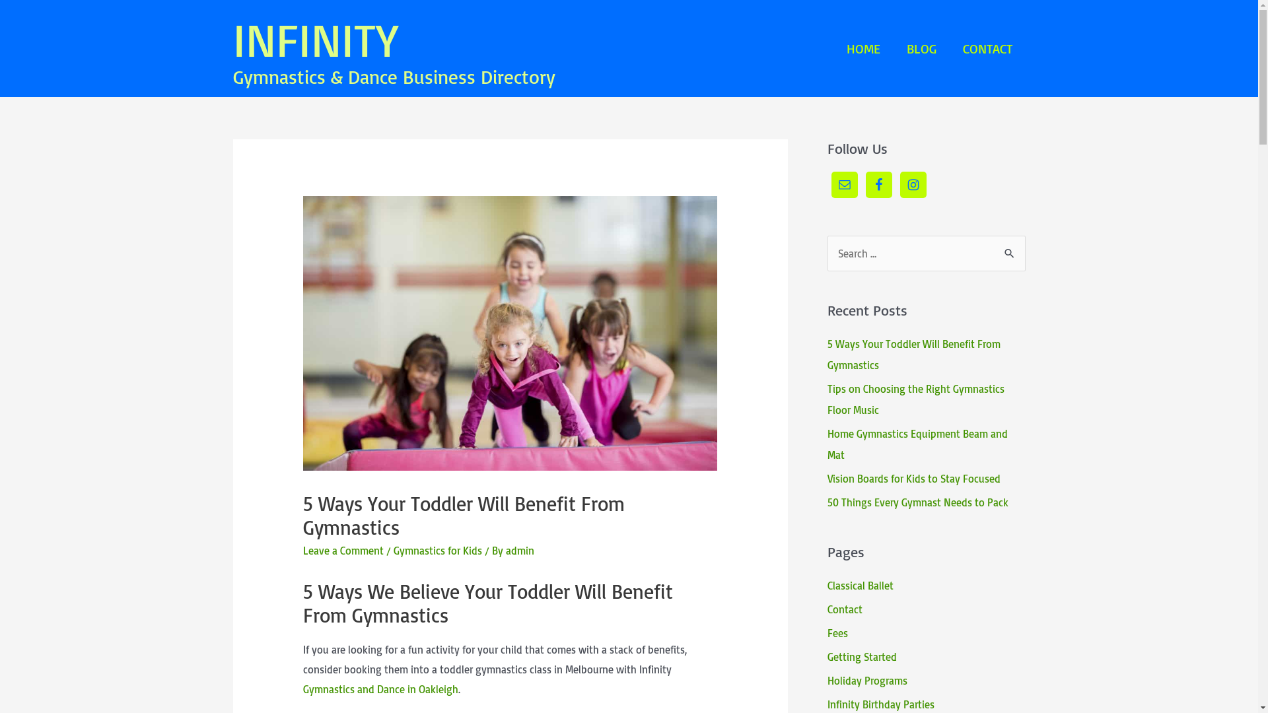 This screenshot has width=1268, height=713. Describe the element at coordinates (912, 353) in the screenshot. I see `'5 Ways Your Toddler Will Benefit From Gymnastics'` at that location.